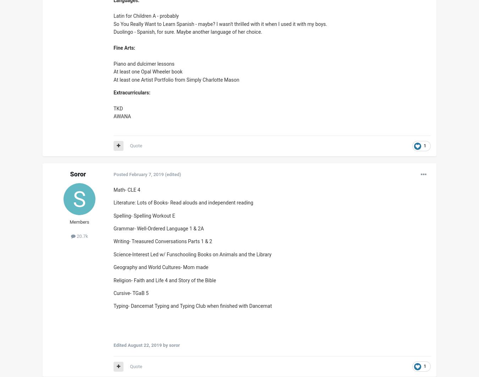  What do you see at coordinates (220, 24) in the screenshot?
I see `'So You Really Want to Learn Spanish - maybe? I wasn't thrilled with it when I used it with my boys.'` at bounding box center [220, 24].